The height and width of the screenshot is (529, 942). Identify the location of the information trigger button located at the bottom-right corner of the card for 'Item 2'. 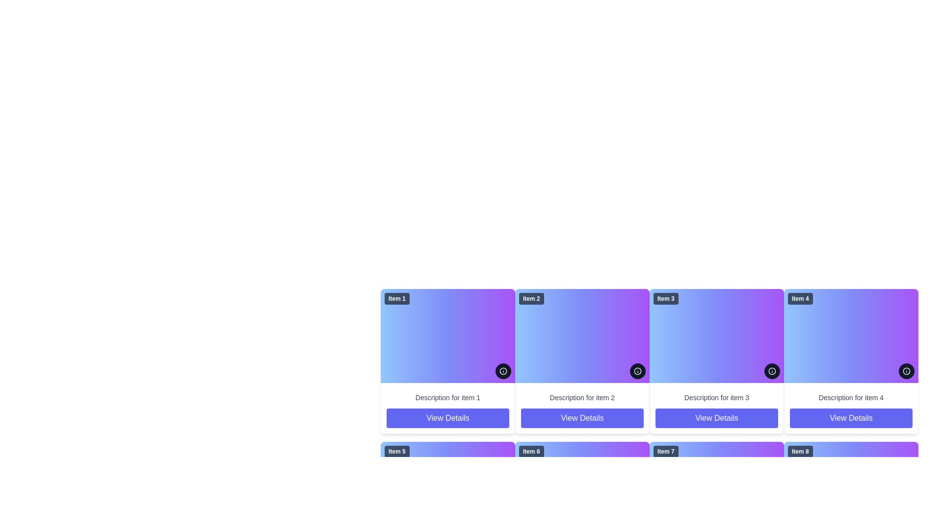
(638, 371).